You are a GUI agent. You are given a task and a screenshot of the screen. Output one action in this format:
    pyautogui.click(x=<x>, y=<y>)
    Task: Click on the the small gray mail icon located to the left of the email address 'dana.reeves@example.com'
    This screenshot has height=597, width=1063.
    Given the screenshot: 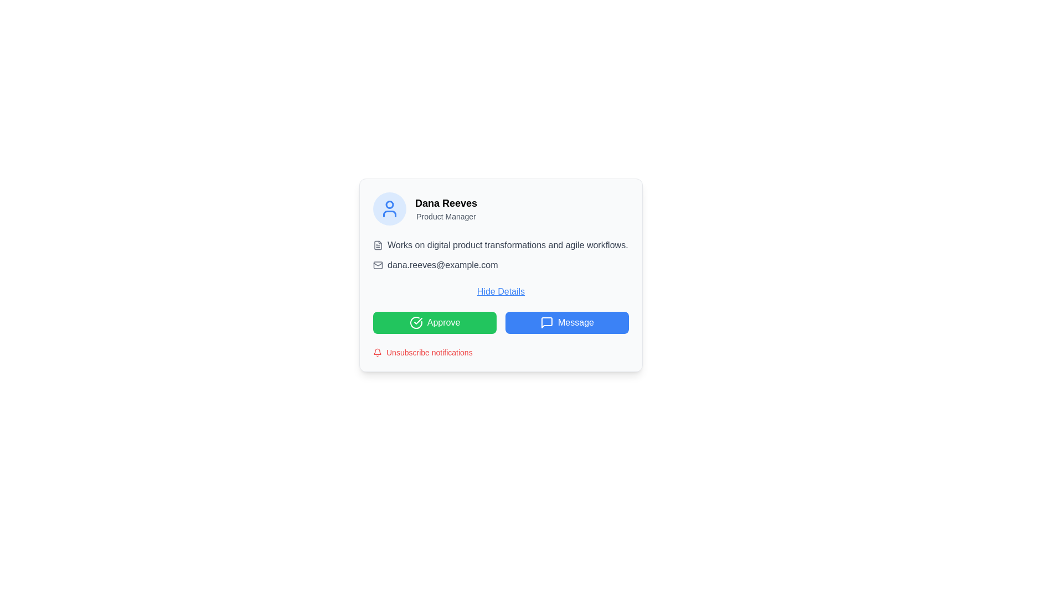 What is the action you would take?
    pyautogui.click(x=378, y=265)
    